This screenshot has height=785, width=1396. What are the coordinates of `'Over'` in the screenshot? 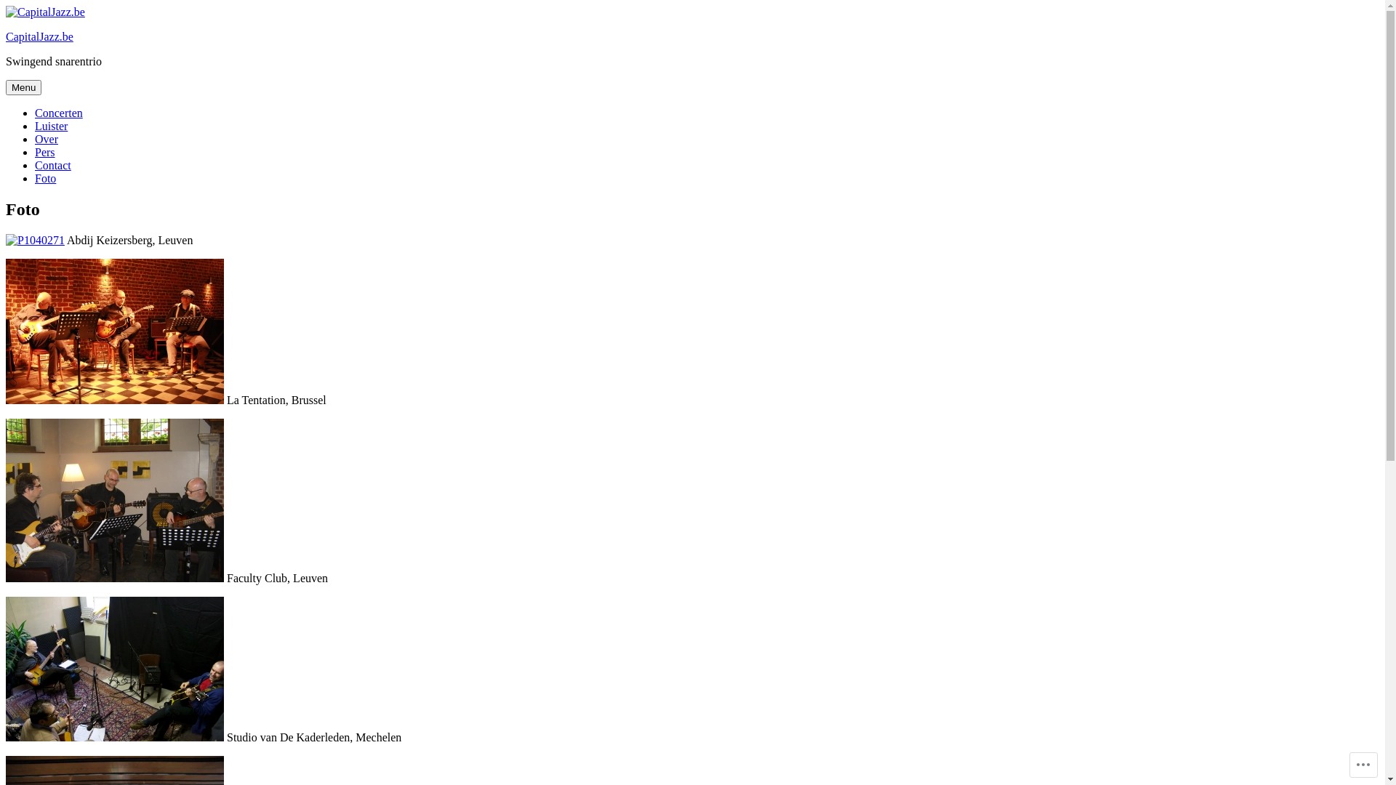 It's located at (46, 139).